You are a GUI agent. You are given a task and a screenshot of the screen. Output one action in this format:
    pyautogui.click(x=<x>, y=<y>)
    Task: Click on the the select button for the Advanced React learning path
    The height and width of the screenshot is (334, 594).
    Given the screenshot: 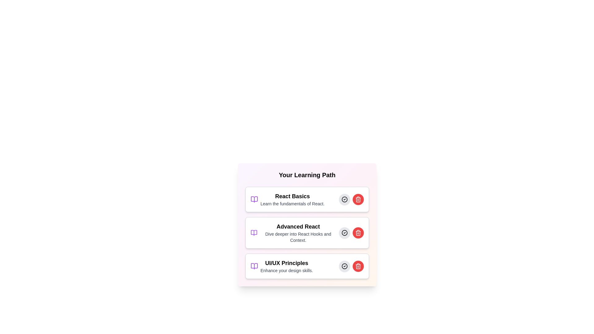 What is the action you would take?
    pyautogui.click(x=344, y=233)
    